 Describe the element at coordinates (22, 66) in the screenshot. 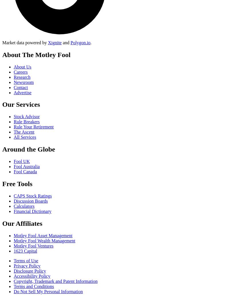

I see `'About Us'` at that location.